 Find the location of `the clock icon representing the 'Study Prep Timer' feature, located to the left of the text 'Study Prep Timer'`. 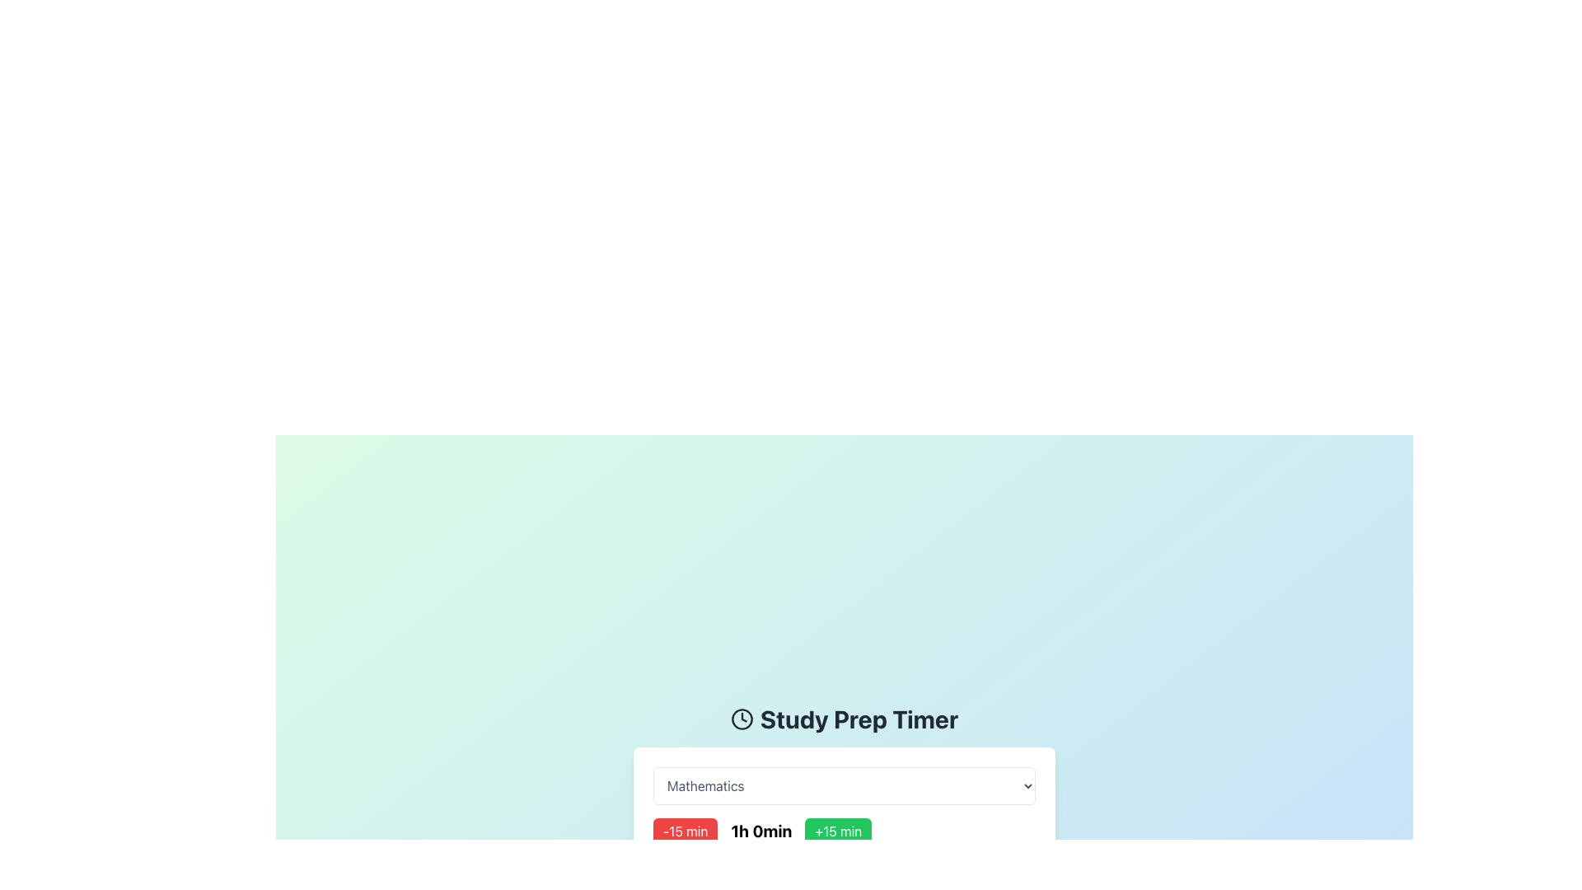

the clock icon representing the 'Study Prep Timer' feature, located to the left of the text 'Study Prep Timer' is located at coordinates (741, 718).